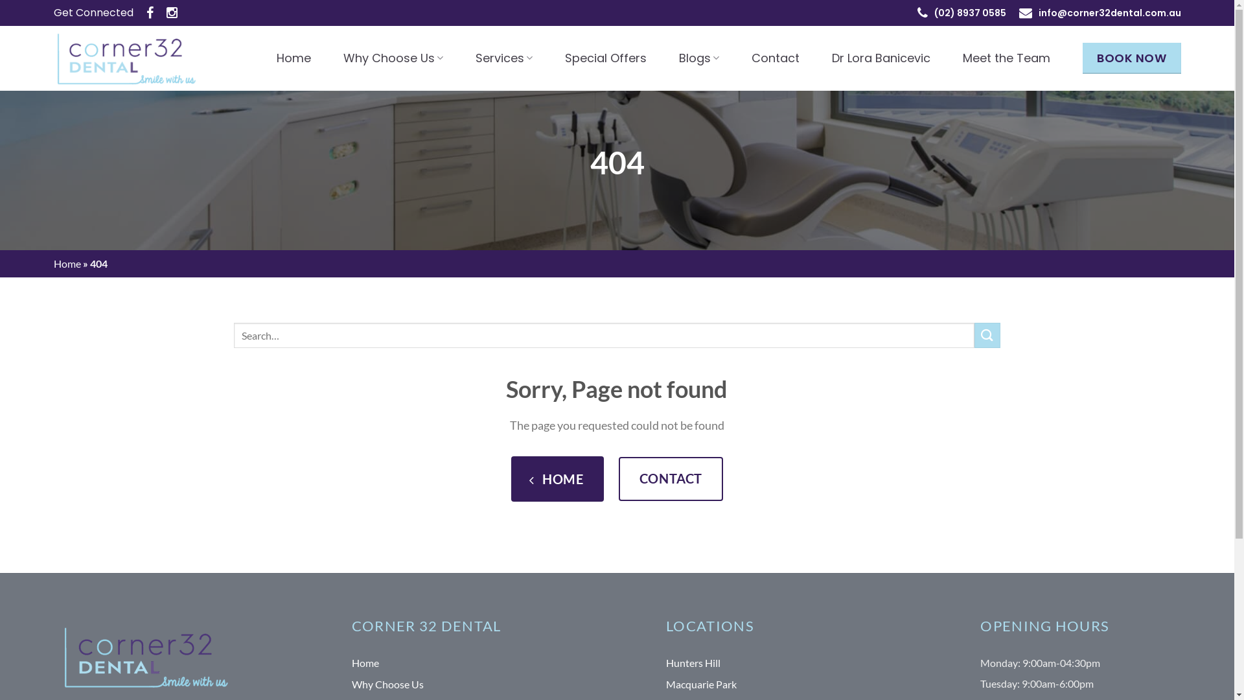 Image resolution: width=1244 pixels, height=700 pixels. I want to click on 'Services', so click(503, 57).